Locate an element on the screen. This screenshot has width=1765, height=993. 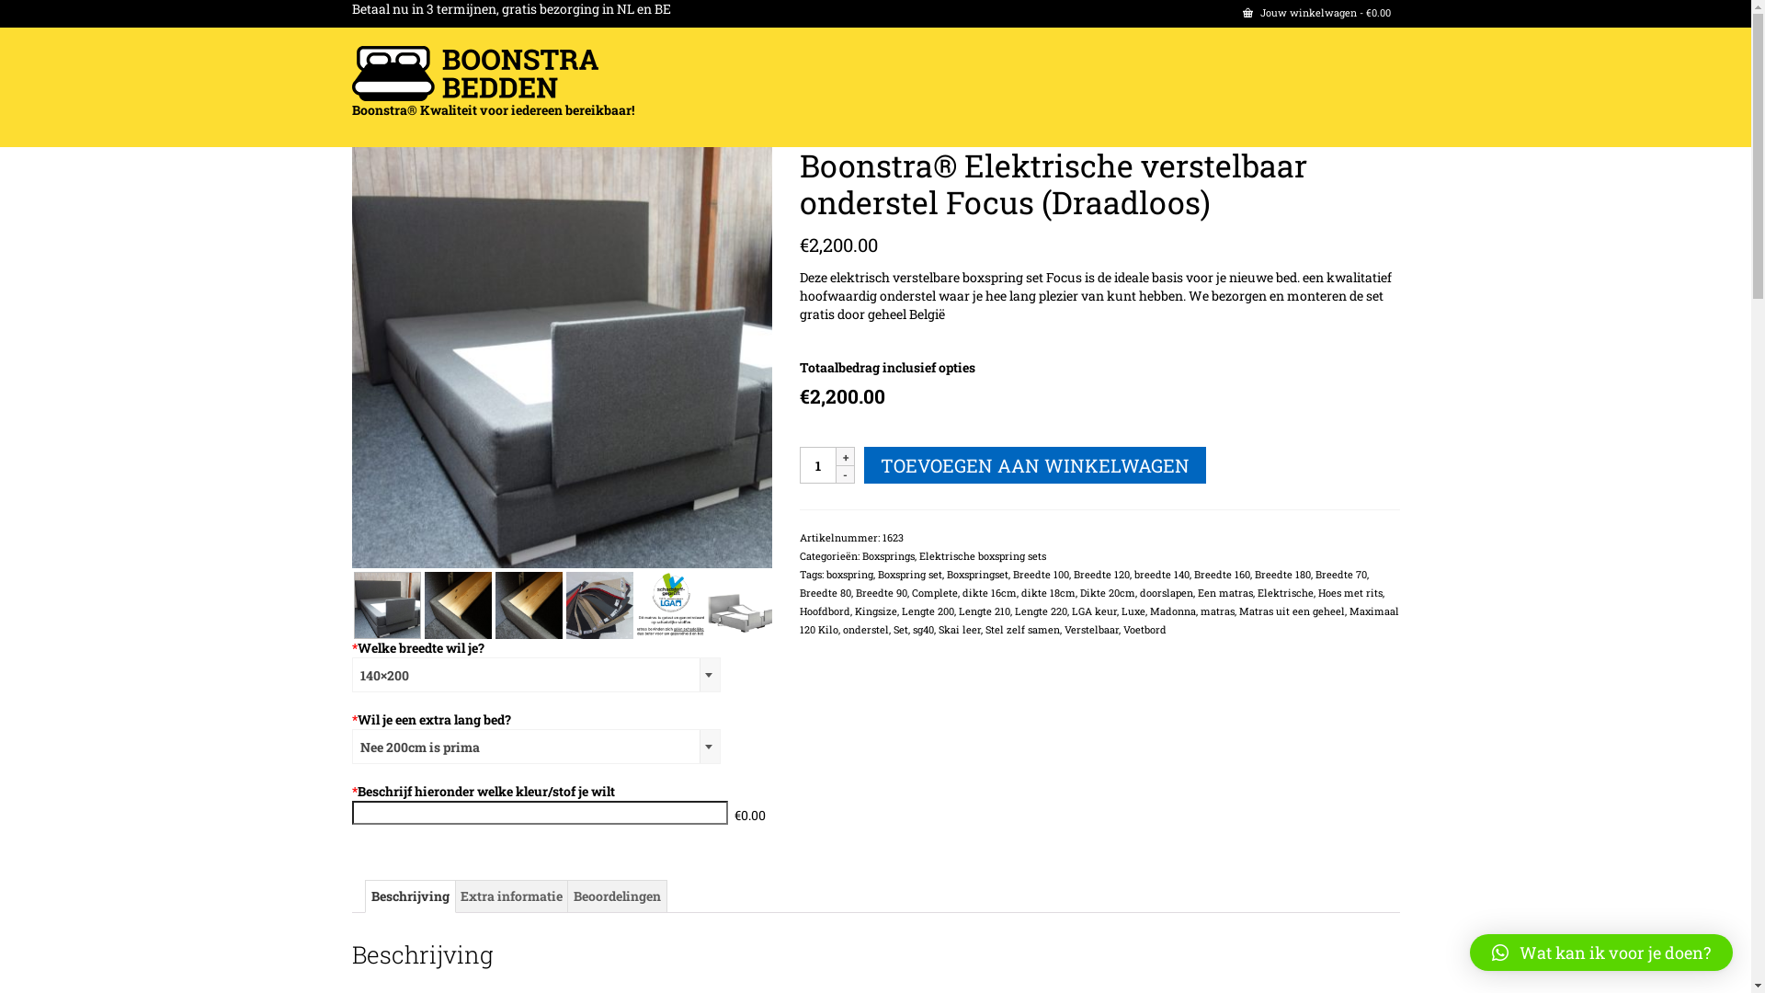
'Maximaal 120 Kilo' is located at coordinates (1099, 620).